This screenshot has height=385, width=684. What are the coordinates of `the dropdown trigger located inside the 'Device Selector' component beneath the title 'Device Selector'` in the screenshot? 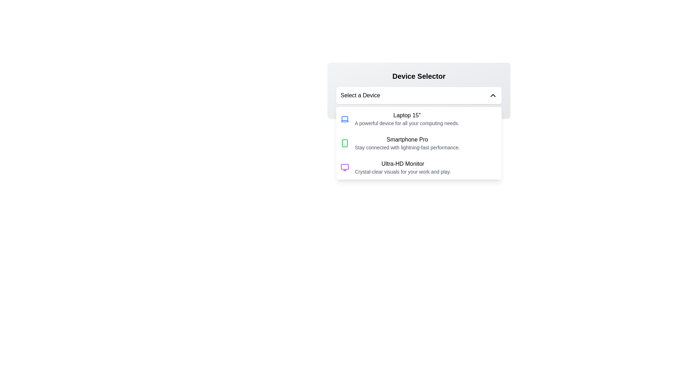 It's located at (419, 95).